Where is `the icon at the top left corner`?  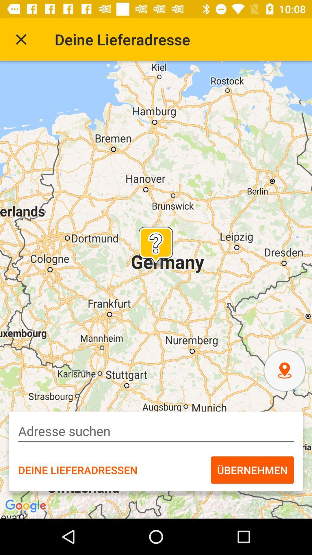 the icon at the top left corner is located at coordinates (21, 39).